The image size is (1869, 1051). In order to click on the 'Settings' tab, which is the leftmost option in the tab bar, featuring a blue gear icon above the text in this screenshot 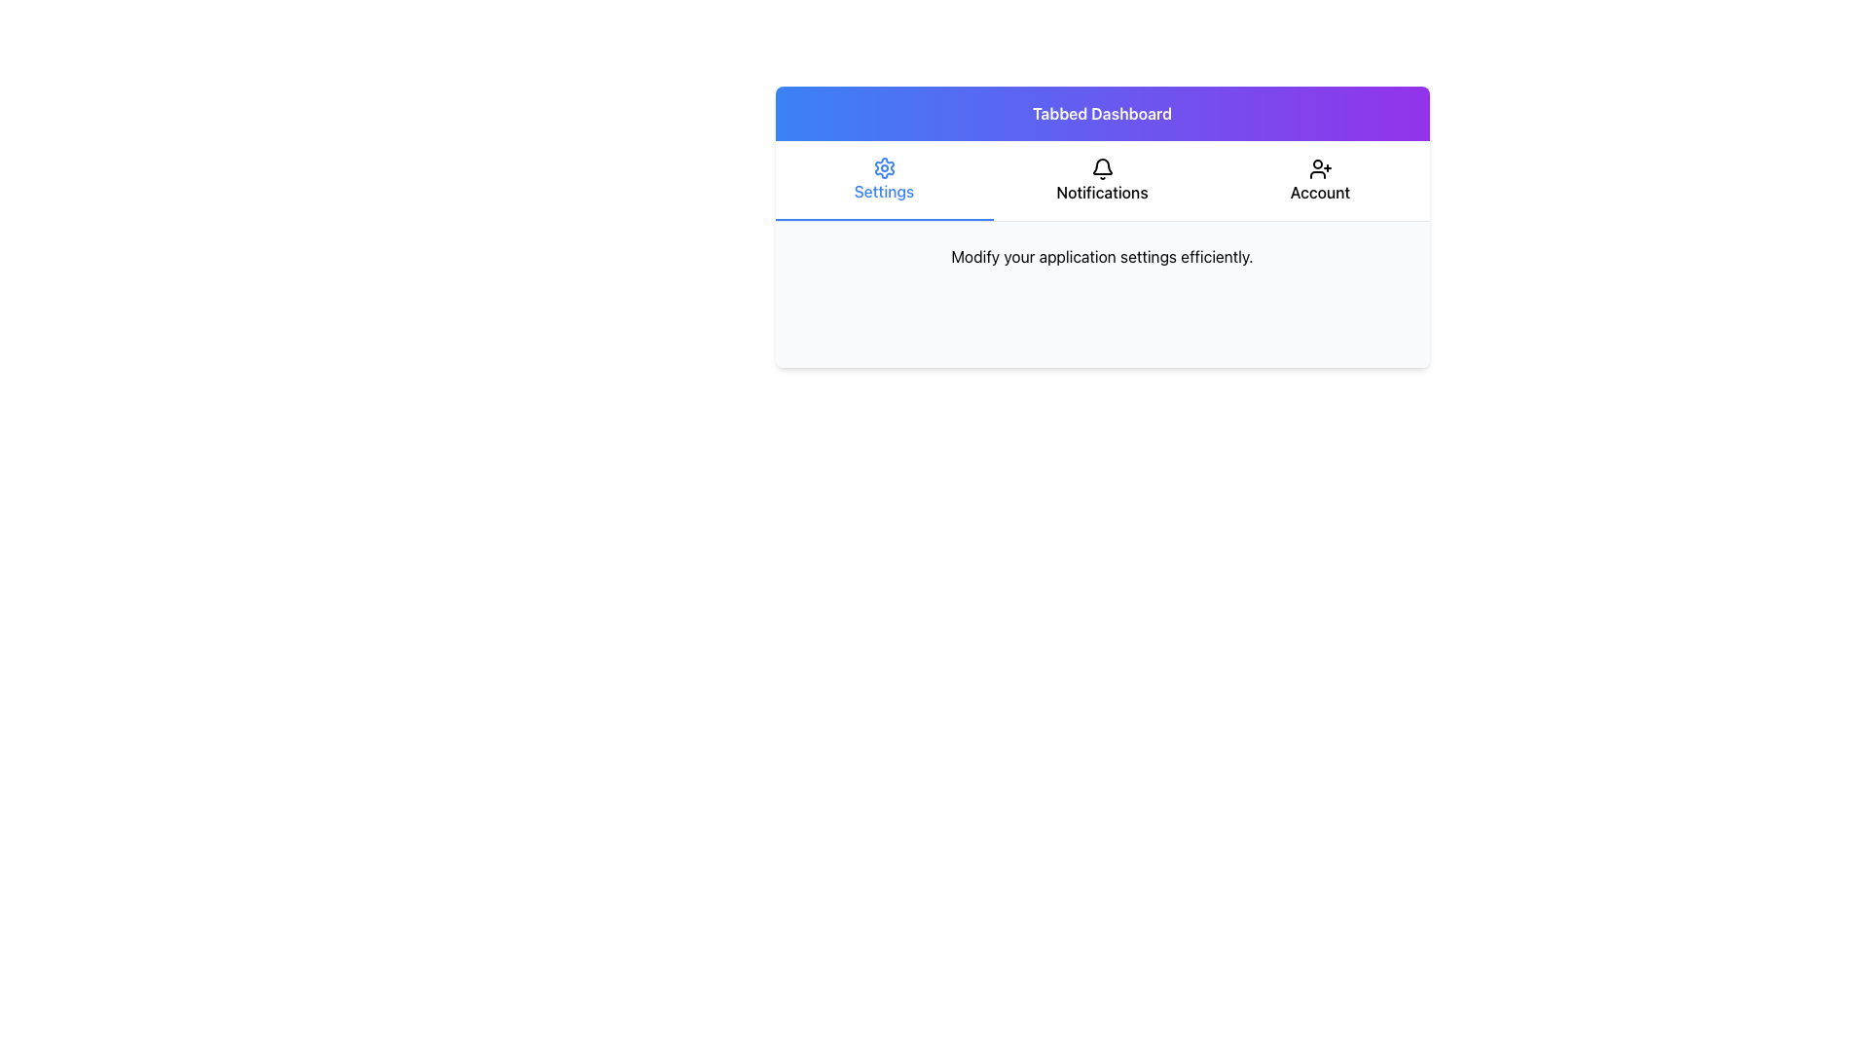, I will do `click(883, 180)`.